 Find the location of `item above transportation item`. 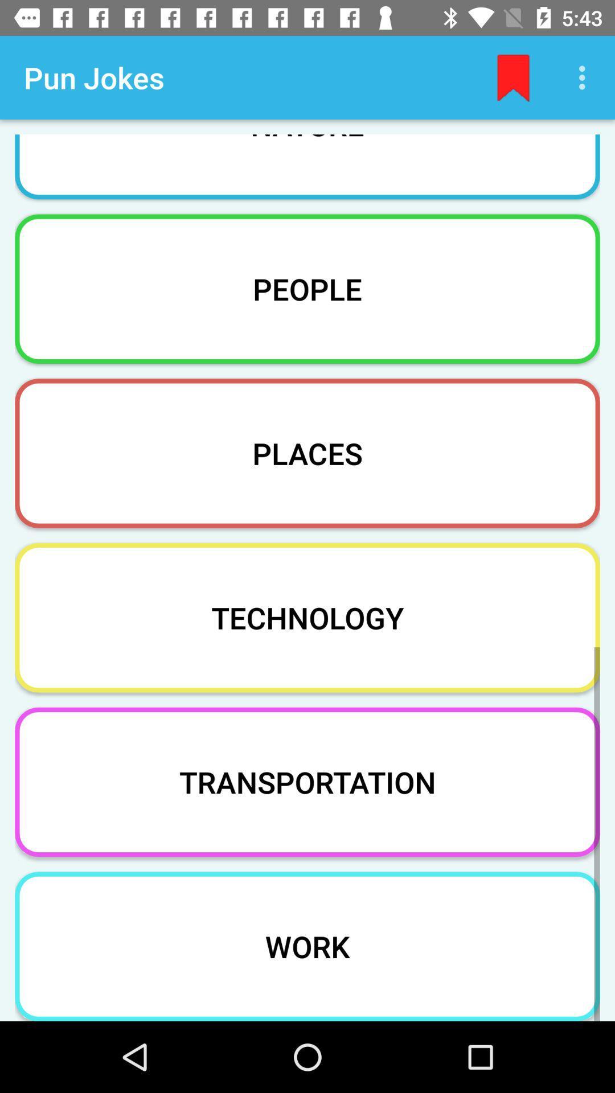

item above transportation item is located at coordinates (307, 617).